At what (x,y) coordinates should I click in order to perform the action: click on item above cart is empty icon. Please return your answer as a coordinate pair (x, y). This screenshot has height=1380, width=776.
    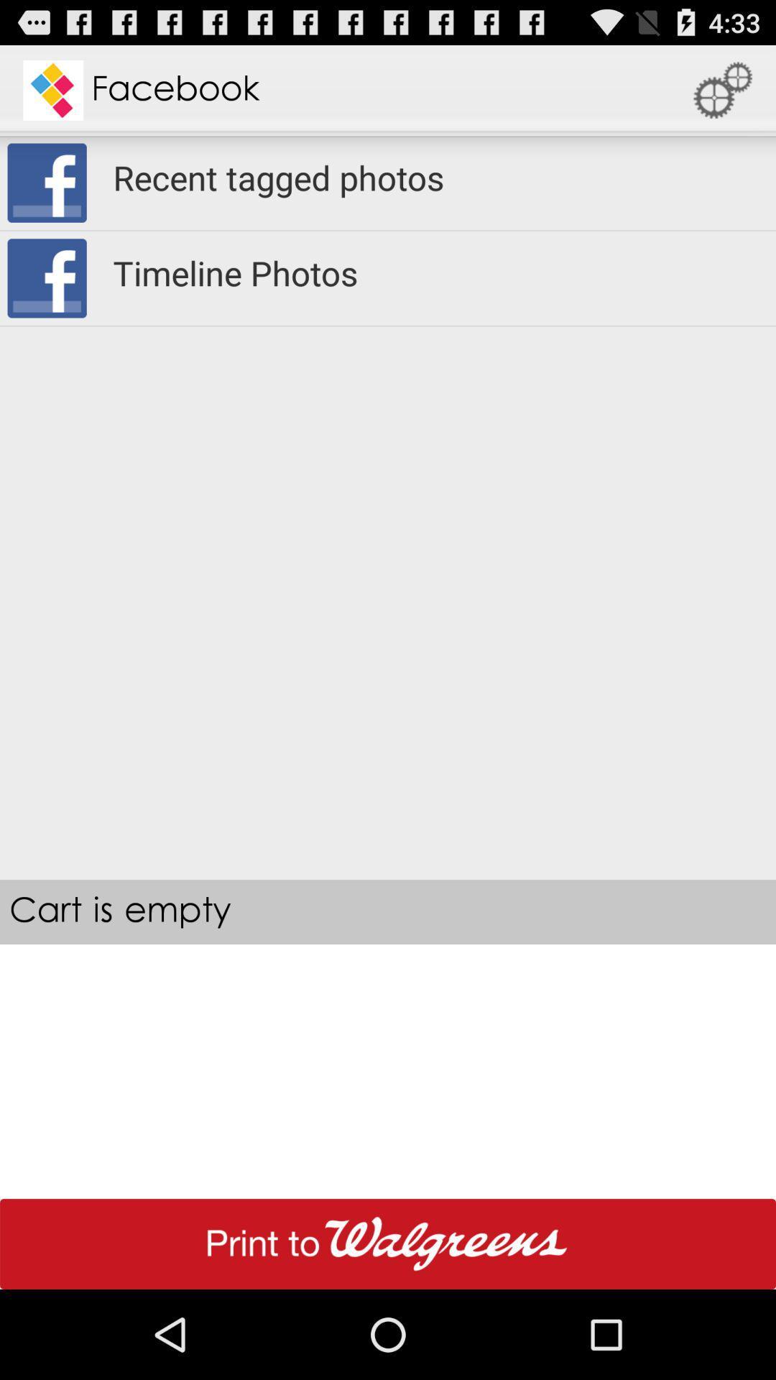
    Looking at the image, I should click on (434, 272).